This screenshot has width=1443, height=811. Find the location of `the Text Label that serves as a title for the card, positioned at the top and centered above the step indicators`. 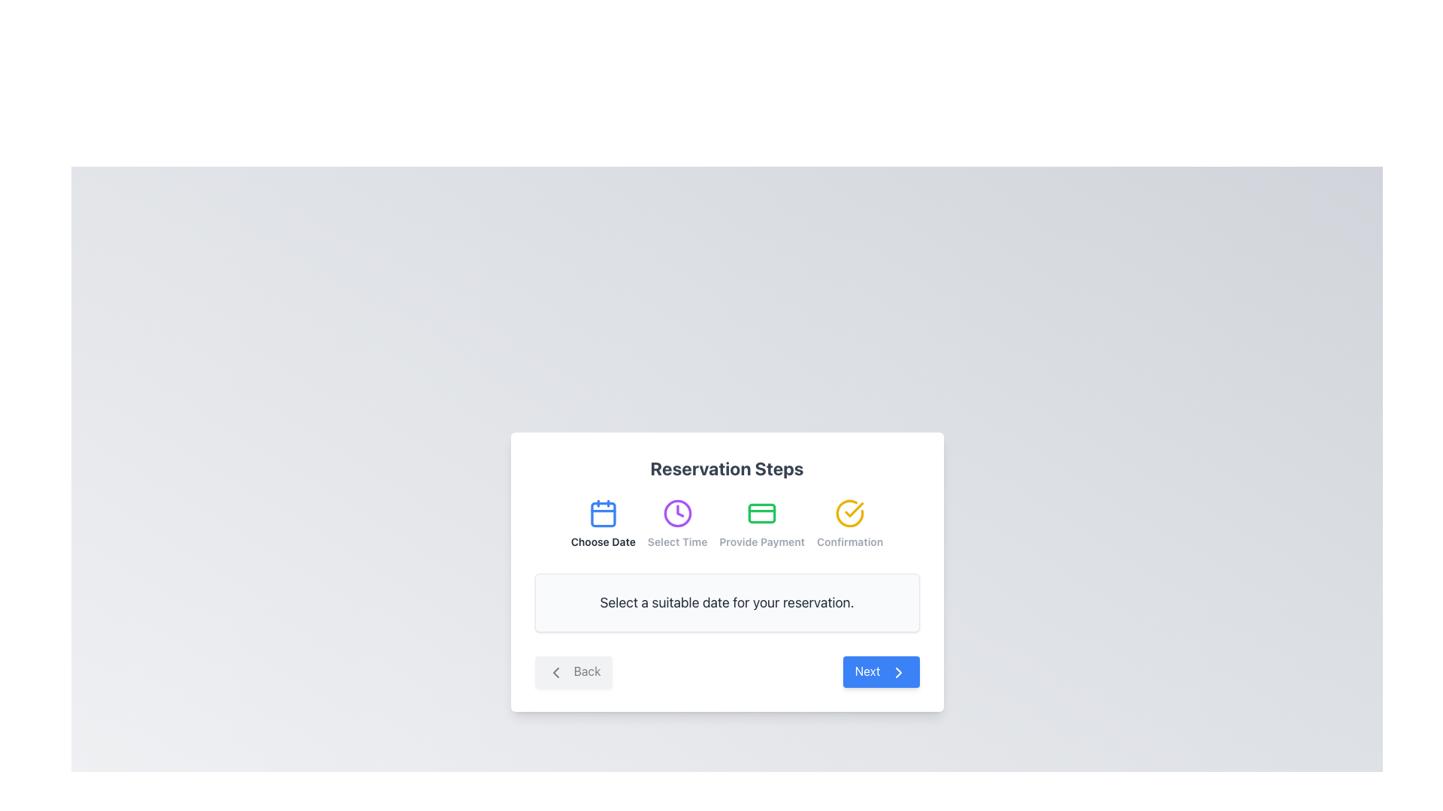

the Text Label that serves as a title for the card, positioned at the top and centered above the step indicators is located at coordinates (727, 468).